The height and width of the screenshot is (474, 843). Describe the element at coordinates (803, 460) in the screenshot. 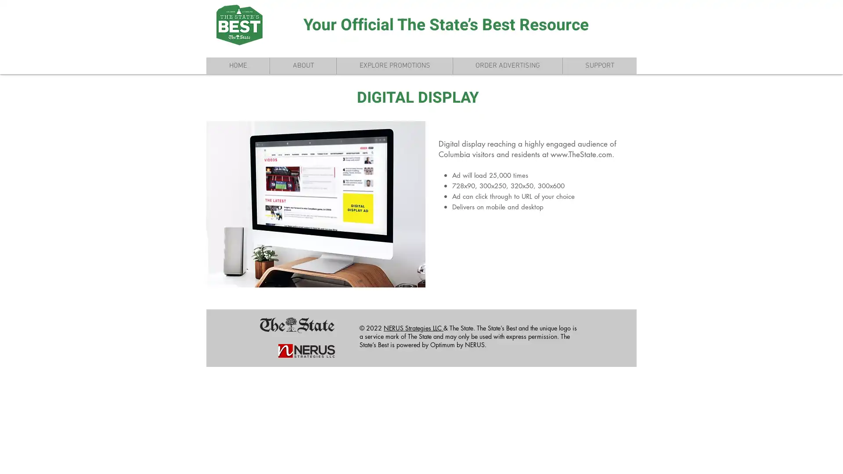

I see `Accept` at that location.